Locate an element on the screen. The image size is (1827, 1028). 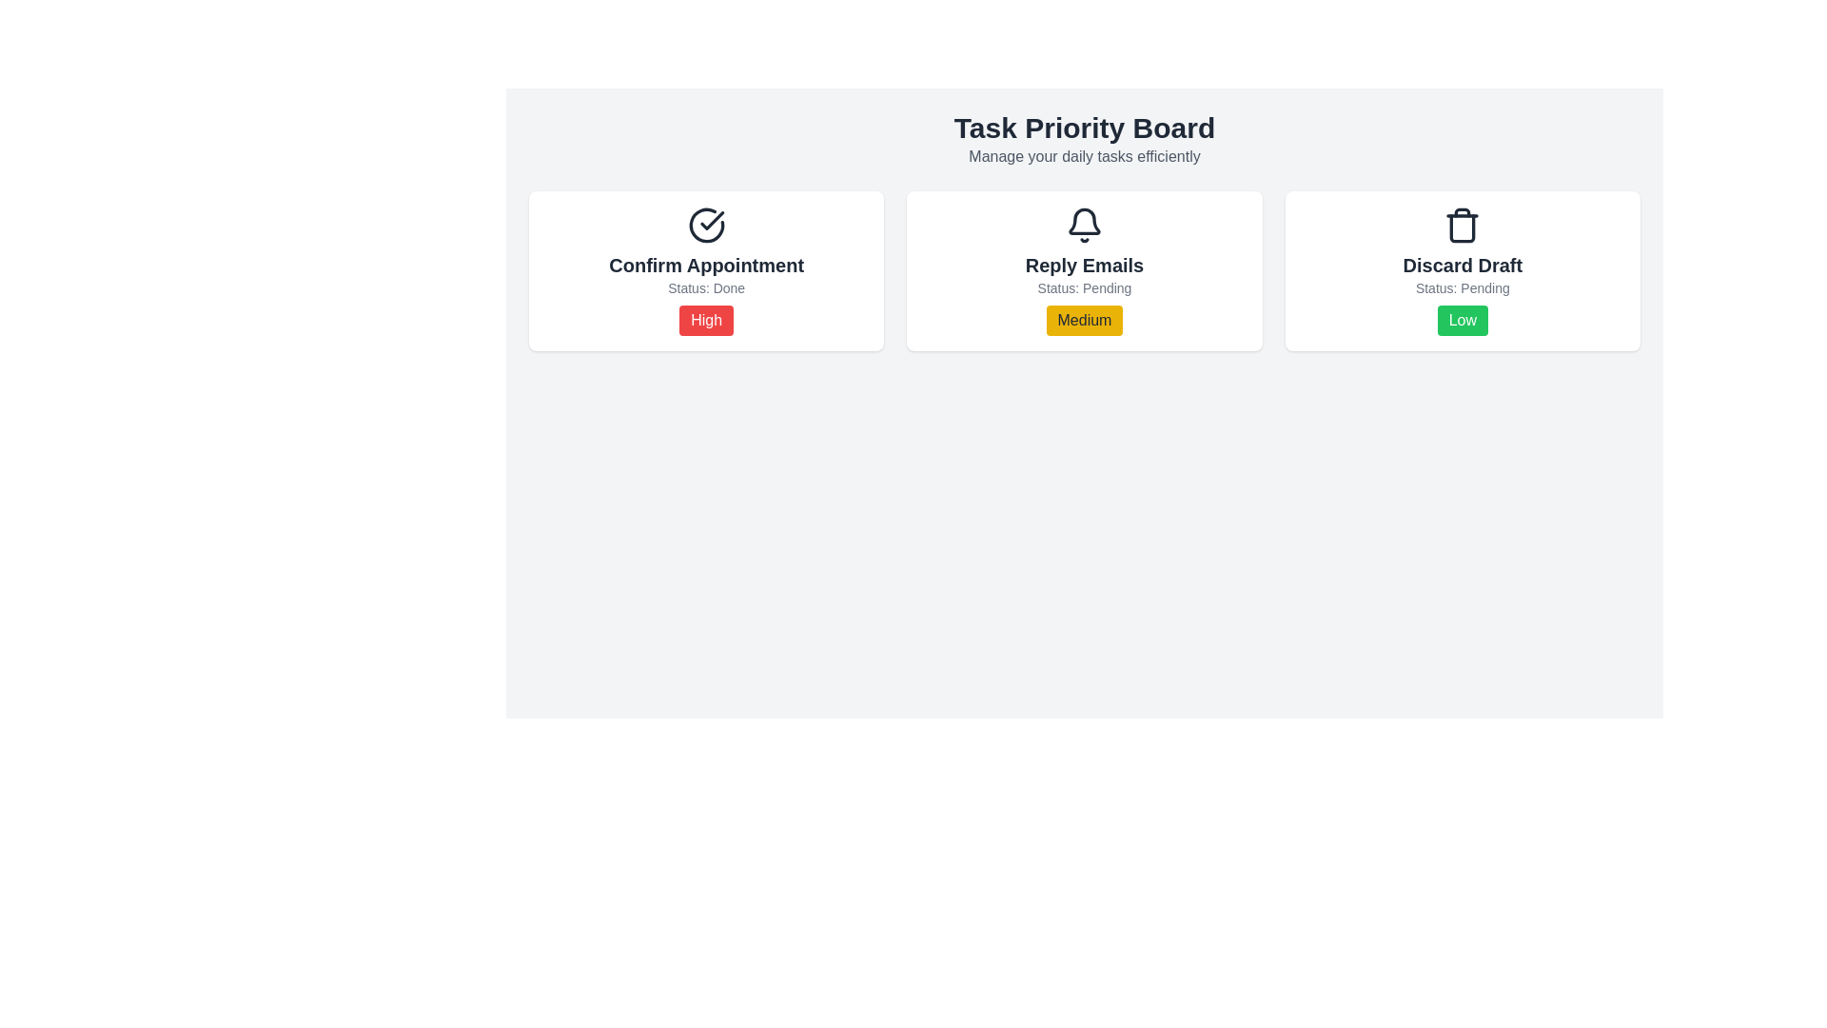
the text label displaying 'Status: Pending' located below the 'Discard Draft' heading in the rightmost card of the interface is located at coordinates (1462, 288).